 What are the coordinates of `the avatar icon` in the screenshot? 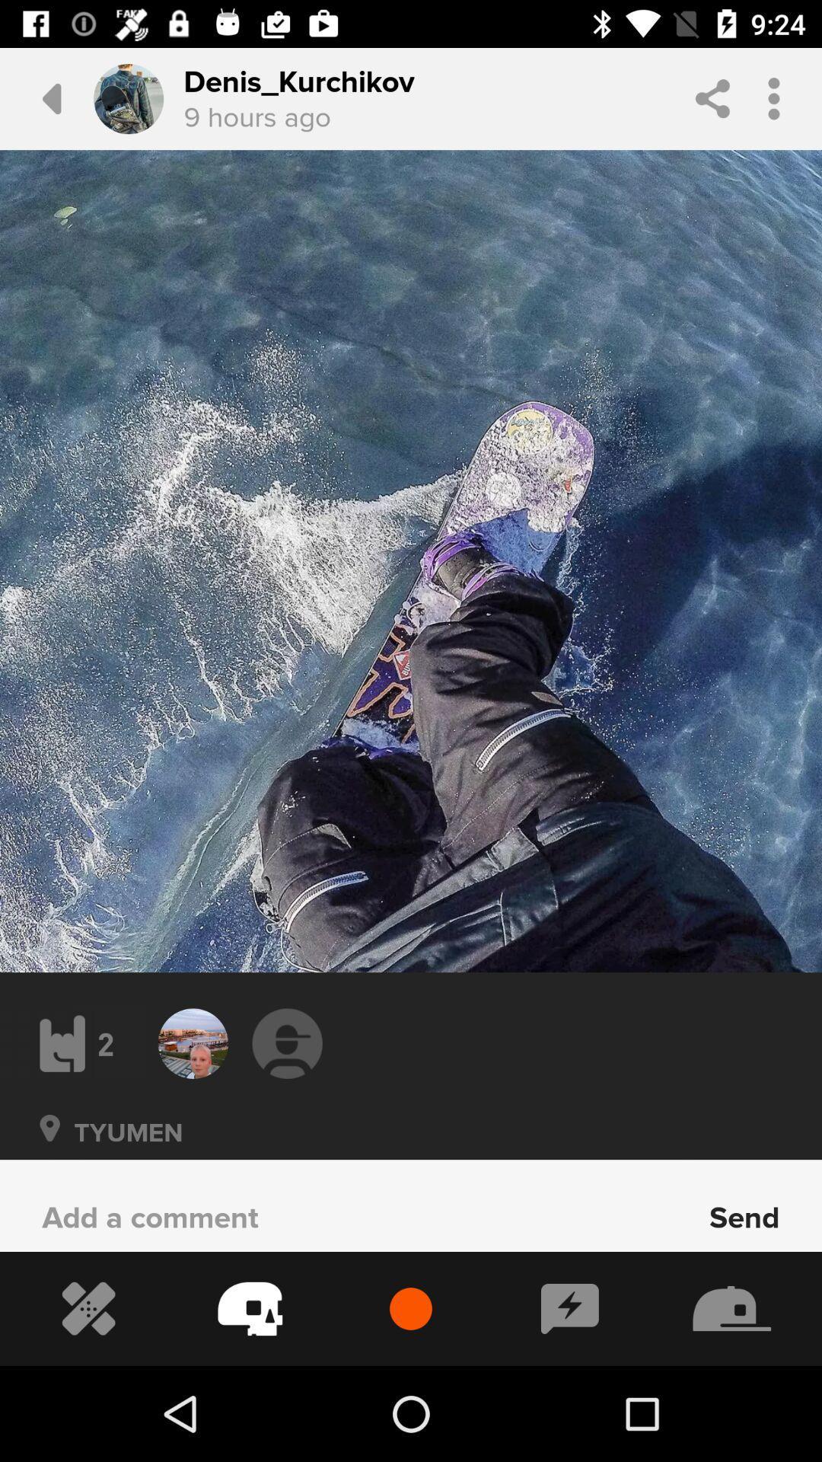 It's located at (287, 1042).